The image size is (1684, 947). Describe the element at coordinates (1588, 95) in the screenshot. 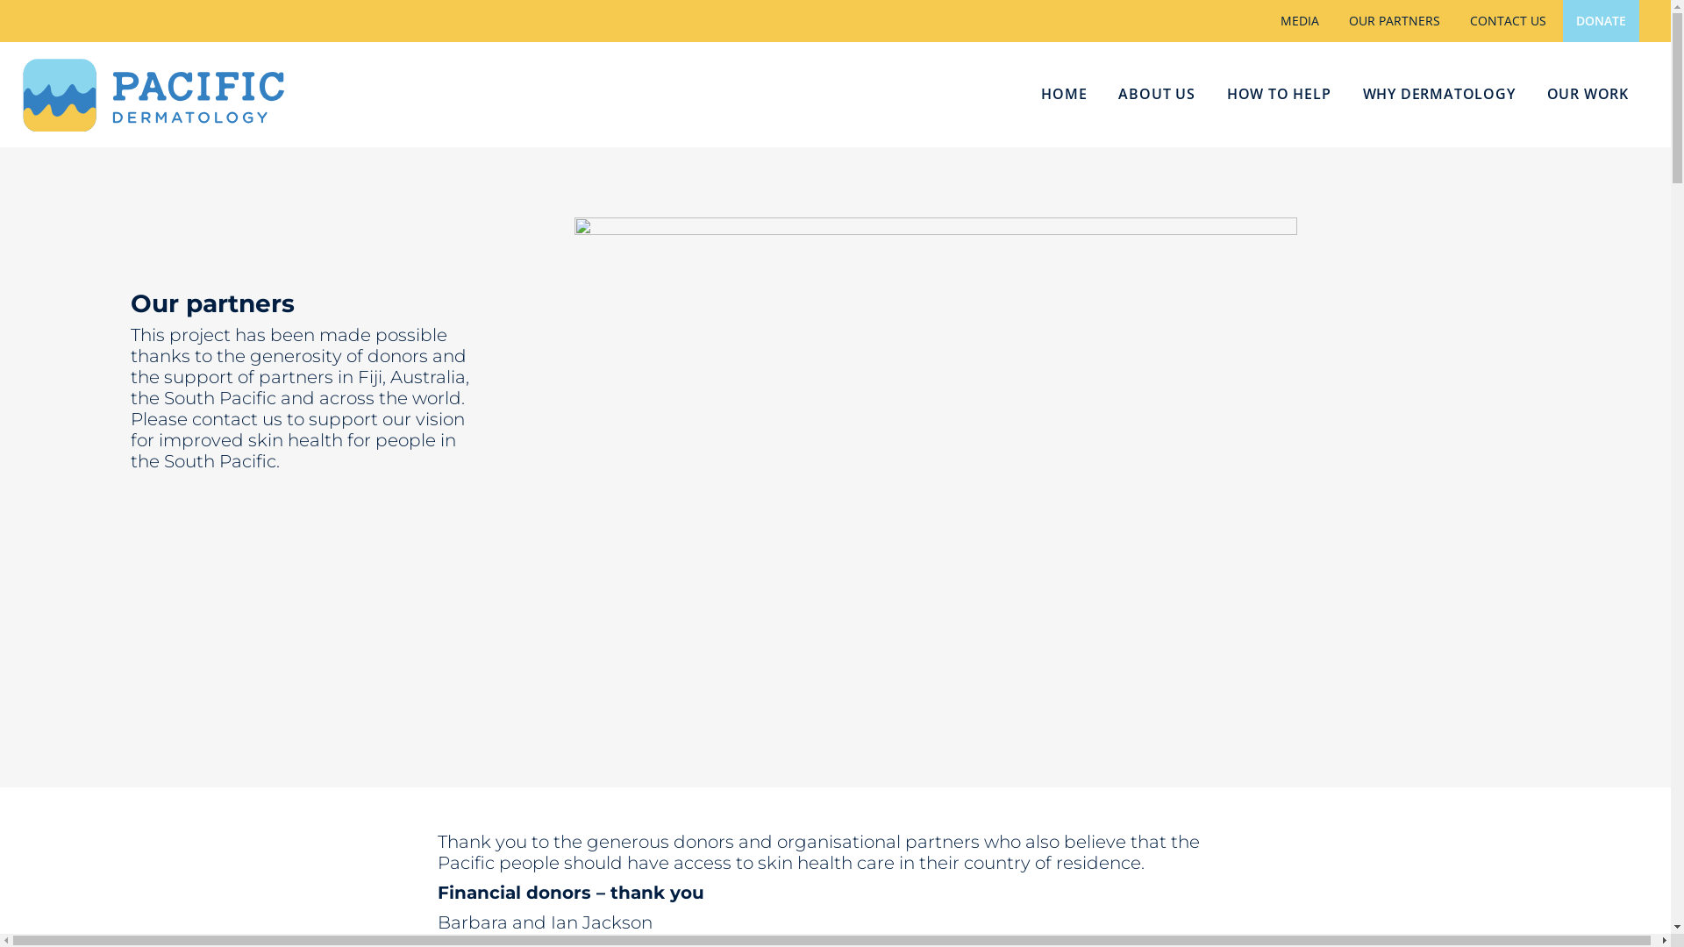

I see `'OUR WORK'` at that location.